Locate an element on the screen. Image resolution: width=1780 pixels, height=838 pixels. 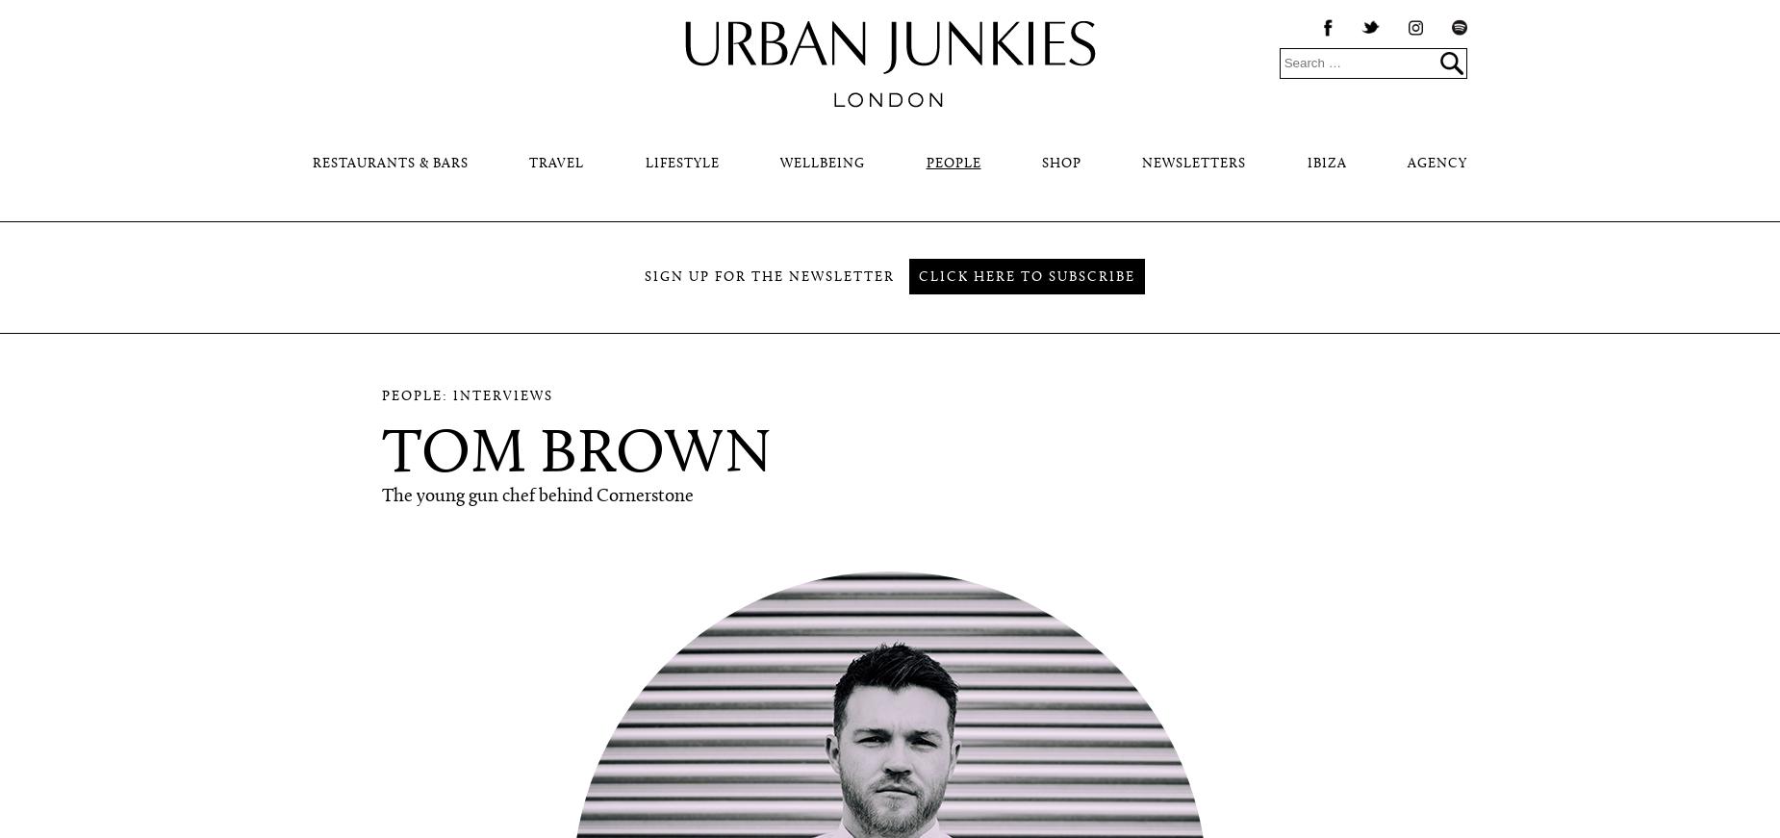
'Tom Brown' is located at coordinates (576, 455).